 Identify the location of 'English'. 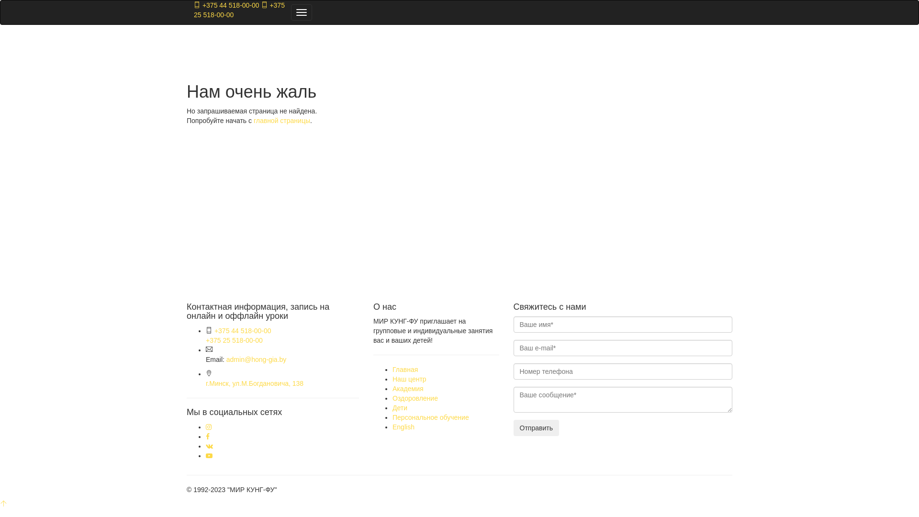
(403, 426).